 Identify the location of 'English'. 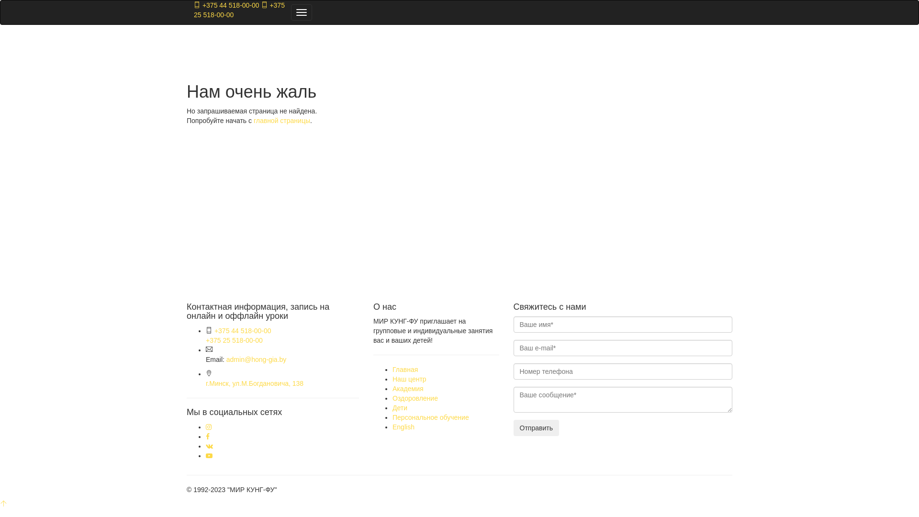
(403, 426).